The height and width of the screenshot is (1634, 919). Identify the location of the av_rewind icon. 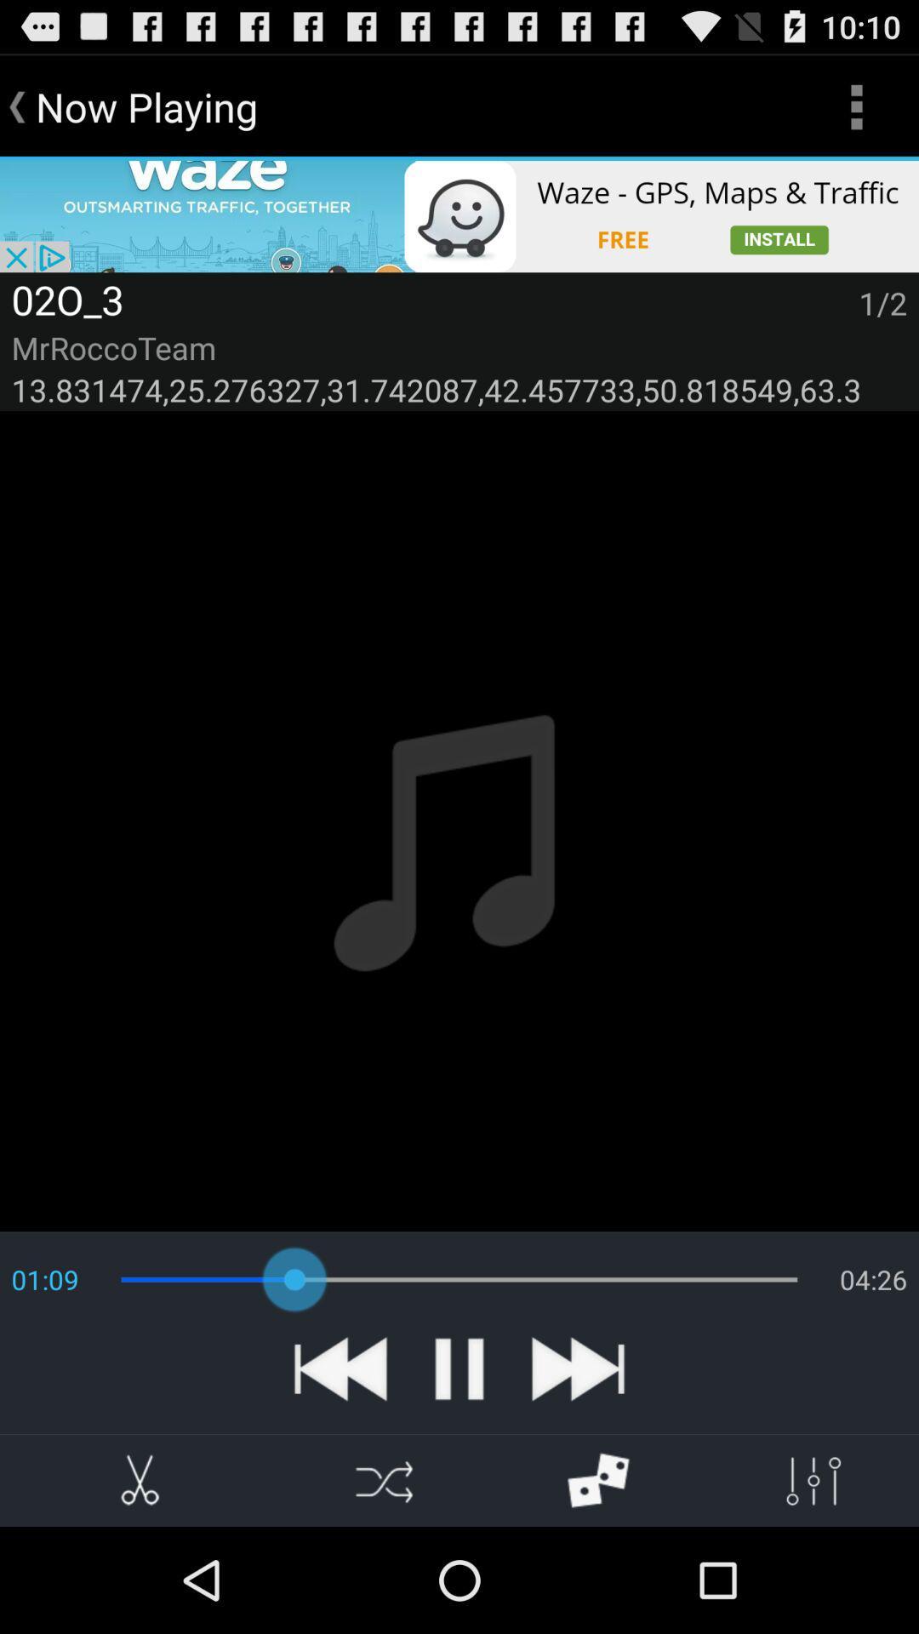
(340, 1464).